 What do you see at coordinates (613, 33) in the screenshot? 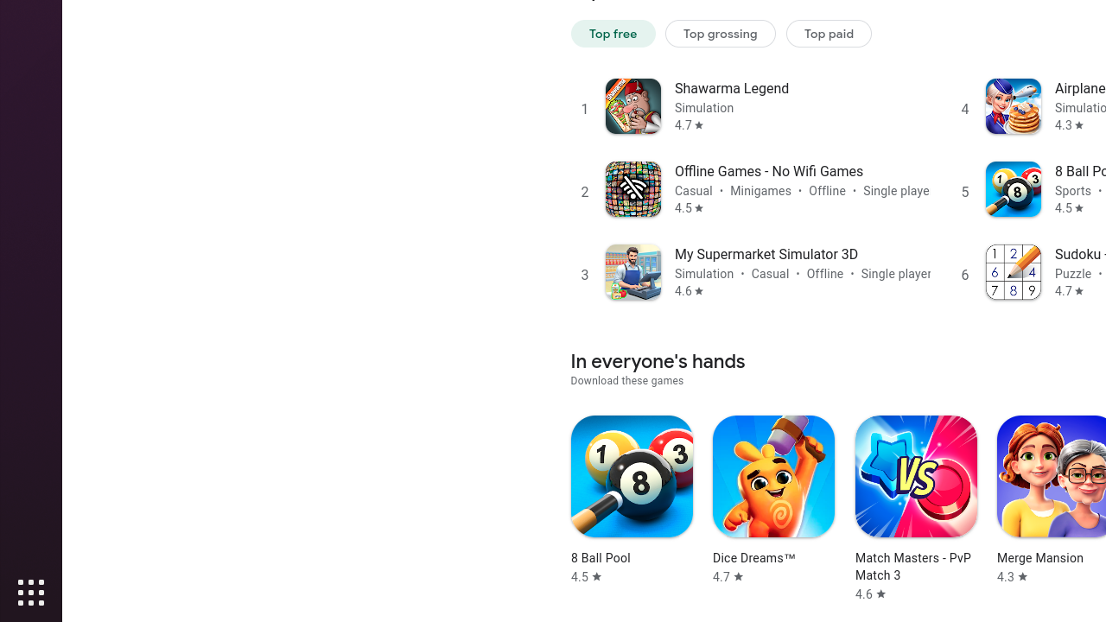
I see `'Top free'` at bounding box center [613, 33].